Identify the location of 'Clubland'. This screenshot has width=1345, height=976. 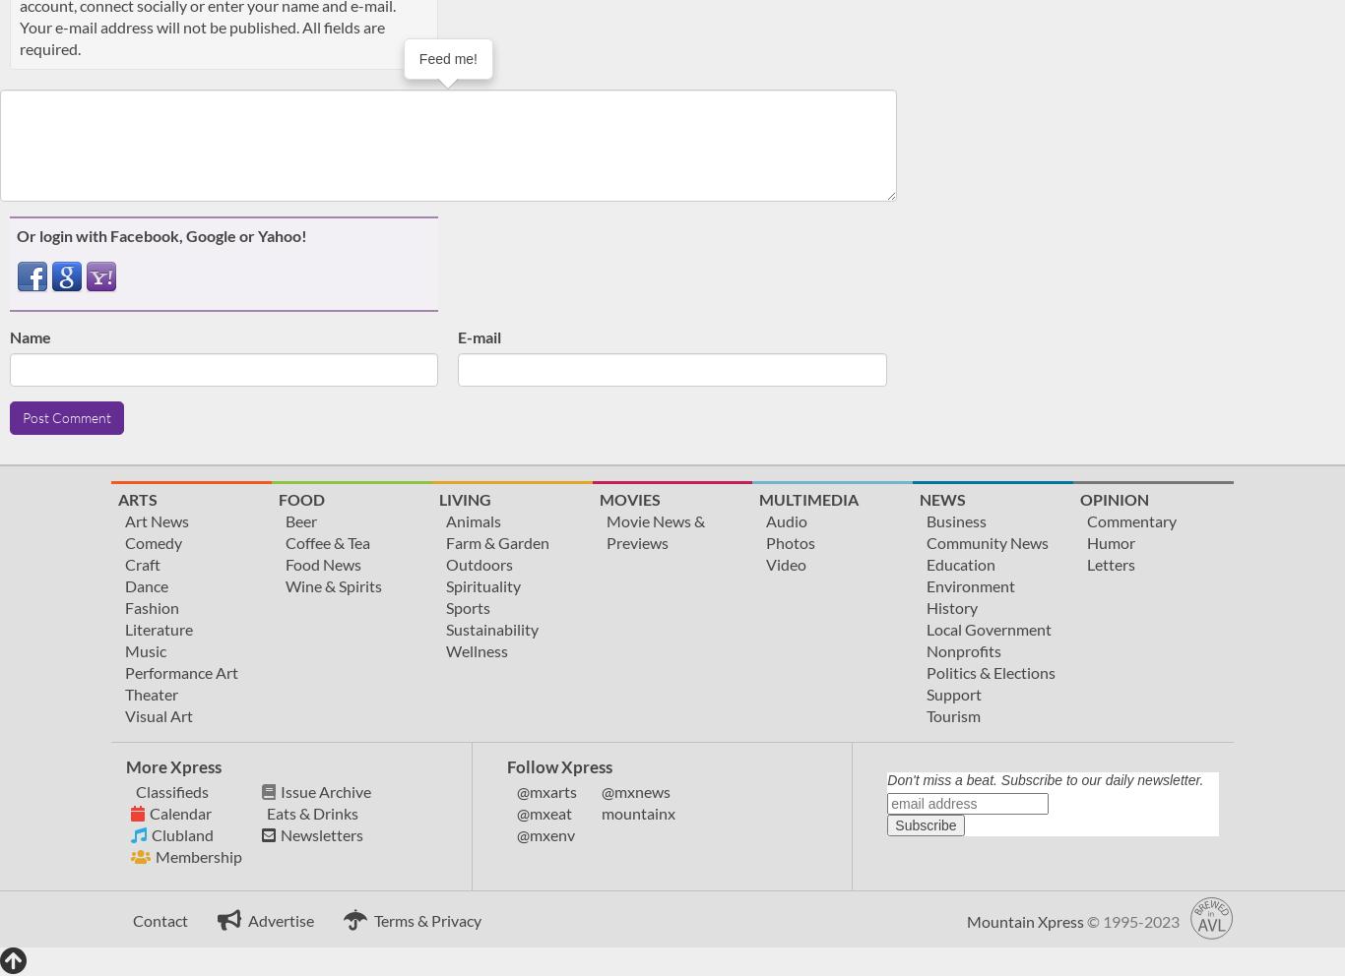
(181, 833).